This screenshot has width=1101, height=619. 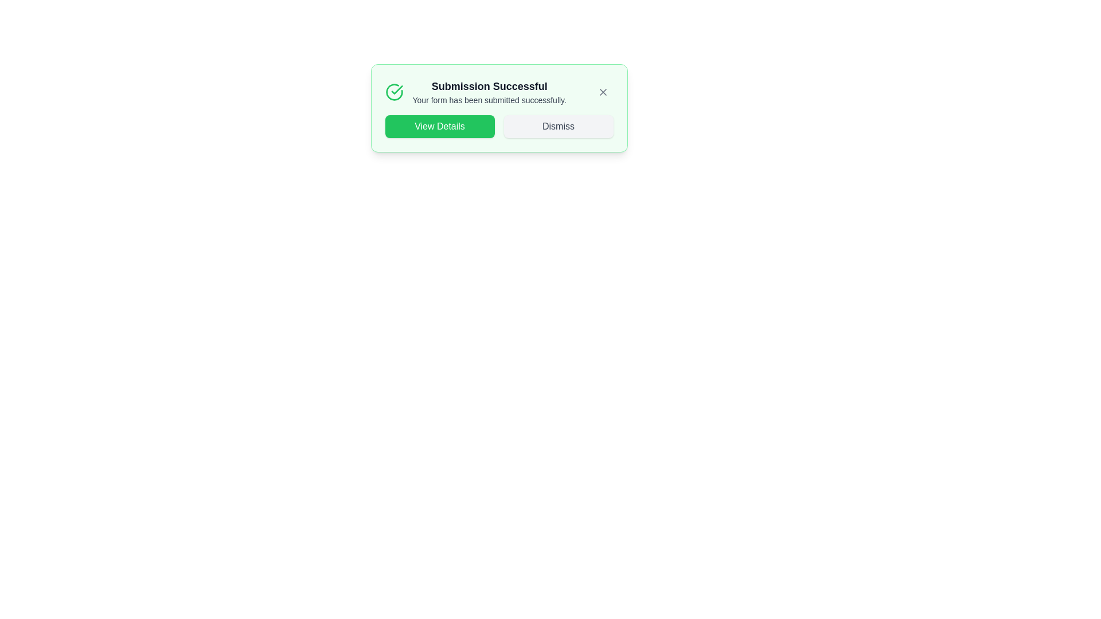 What do you see at coordinates (439, 126) in the screenshot?
I see `the button labeled View Details` at bounding box center [439, 126].